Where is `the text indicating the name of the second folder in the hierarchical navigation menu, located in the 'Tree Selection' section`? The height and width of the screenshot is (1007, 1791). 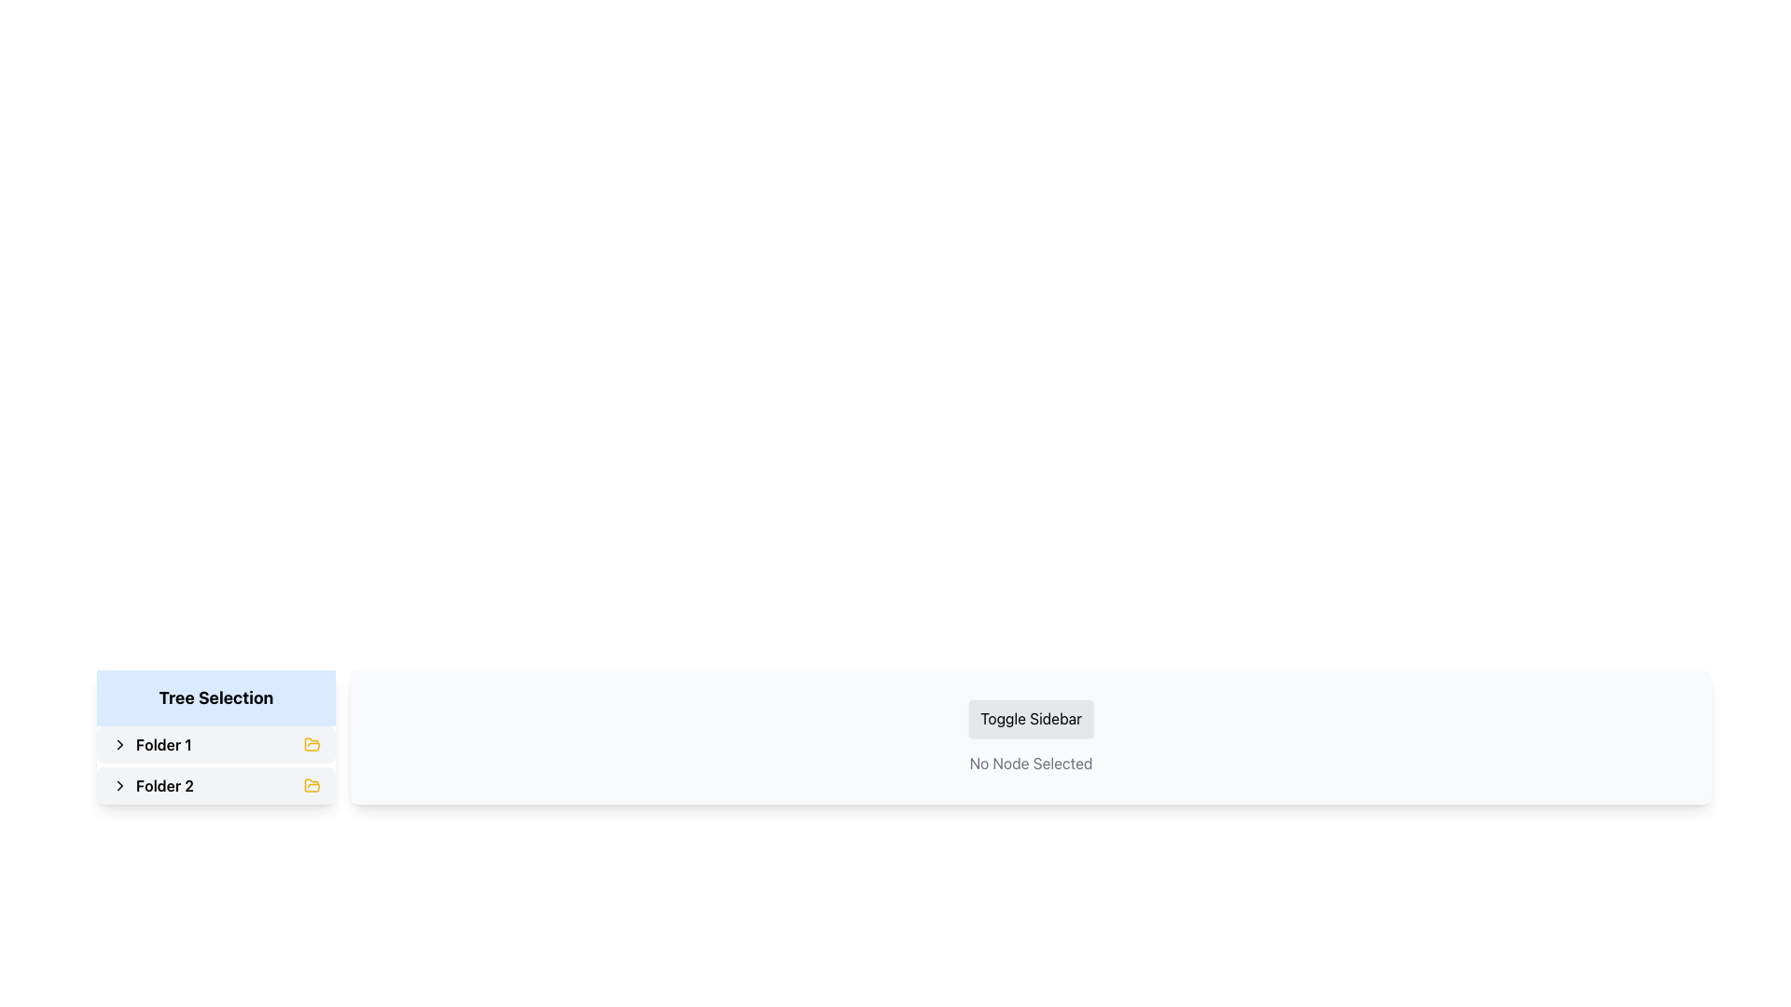 the text indicating the name of the second folder in the hierarchical navigation menu, located in the 'Tree Selection' section is located at coordinates (165, 786).